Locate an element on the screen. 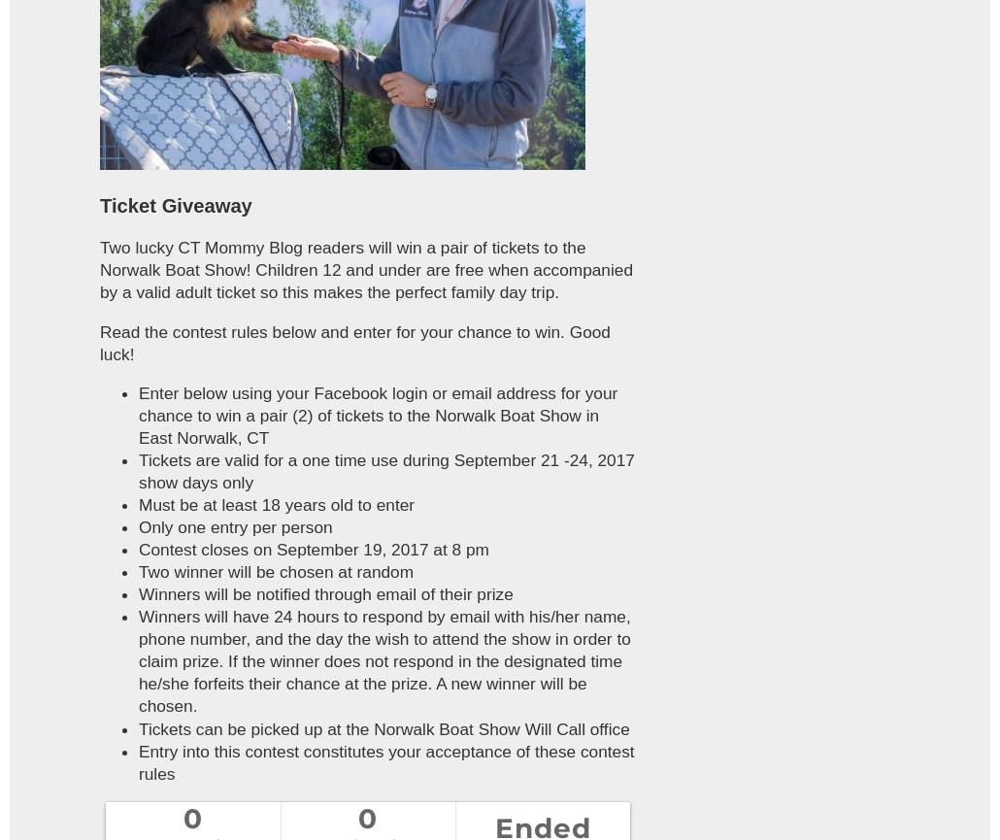  'Only one entry per person' is located at coordinates (137, 525).